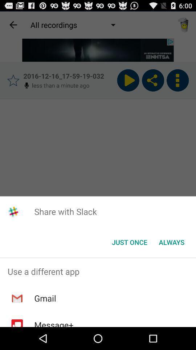 This screenshot has height=350, width=196. I want to click on the icon below share with slack icon, so click(171, 242).